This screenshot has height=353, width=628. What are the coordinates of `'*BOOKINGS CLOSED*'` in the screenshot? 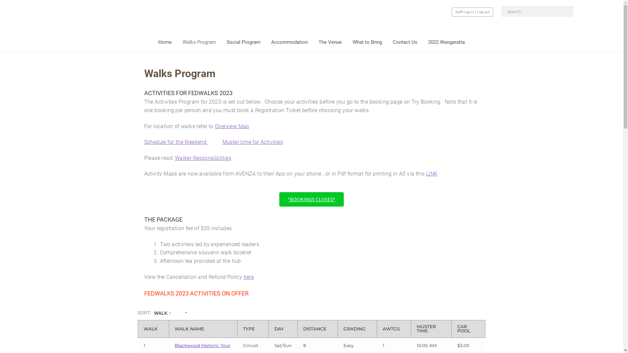 It's located at (311, 199).